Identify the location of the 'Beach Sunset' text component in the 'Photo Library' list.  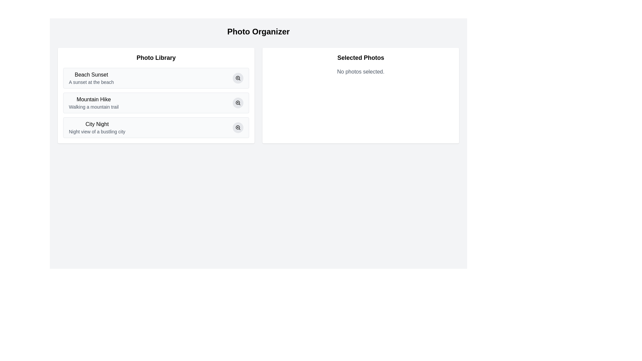
(91, 78).